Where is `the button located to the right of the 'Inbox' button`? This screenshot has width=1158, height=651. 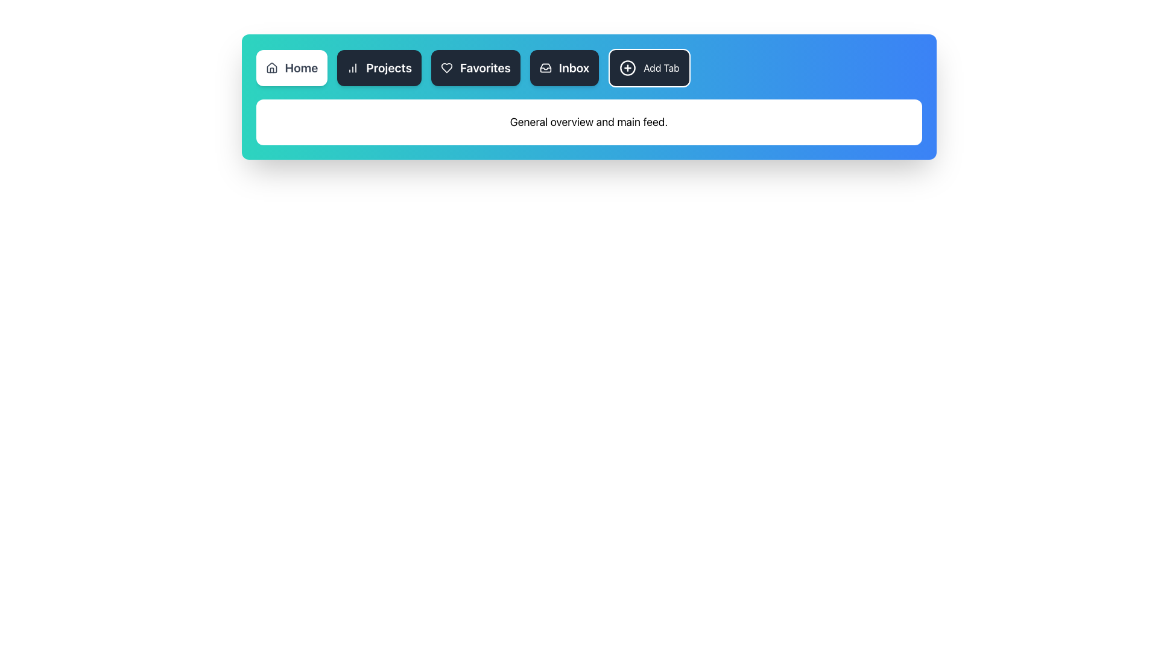
the button located to the right of the 'Inbox' button is located at coordinates (648, 68).